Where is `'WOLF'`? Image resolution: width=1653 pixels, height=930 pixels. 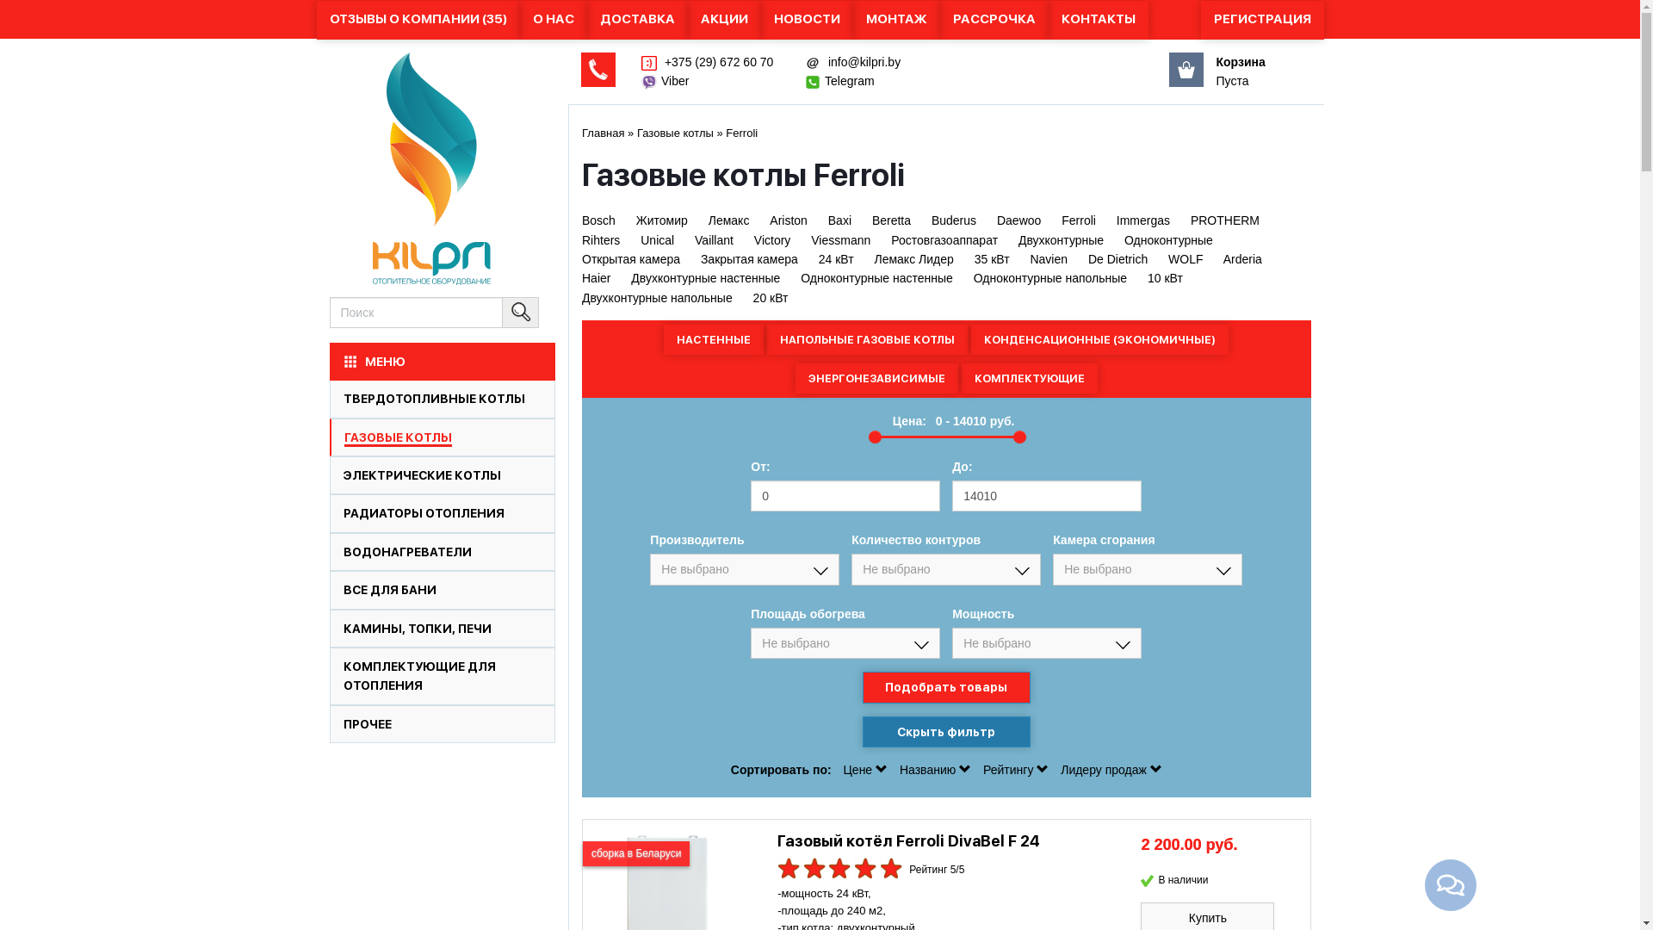 'WOLF' is located at coordinates (1185, 258).